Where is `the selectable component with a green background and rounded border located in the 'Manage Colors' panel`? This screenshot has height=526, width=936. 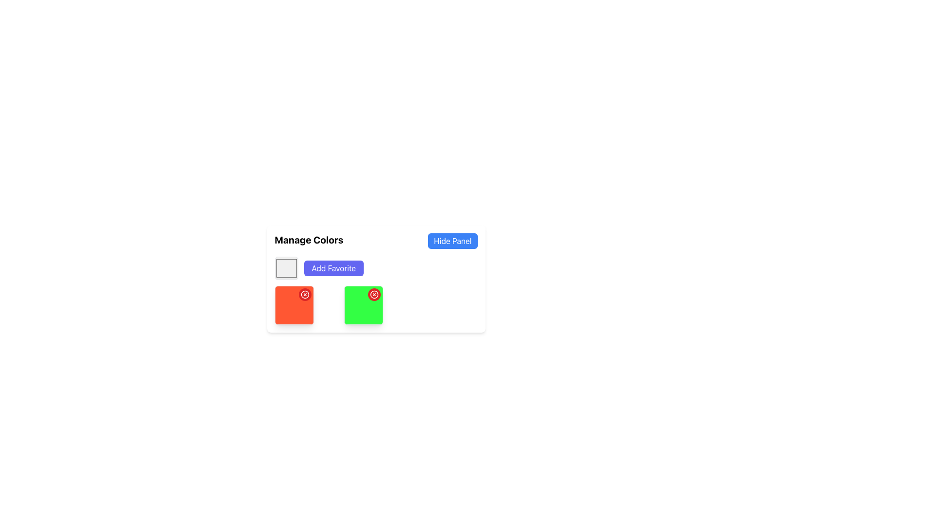
the selectable component with a green background and rounded border located in the 'Manage Colors' panel is located at coordinates (363, 305).